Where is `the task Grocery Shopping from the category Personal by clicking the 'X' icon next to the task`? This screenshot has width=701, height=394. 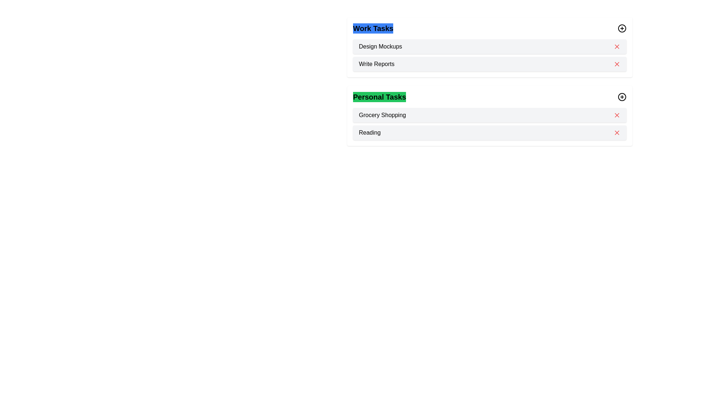
the task Grocery Shopping from the category Personal by clicking the 'X' icon next to the task is located at coordinates (616, 115).